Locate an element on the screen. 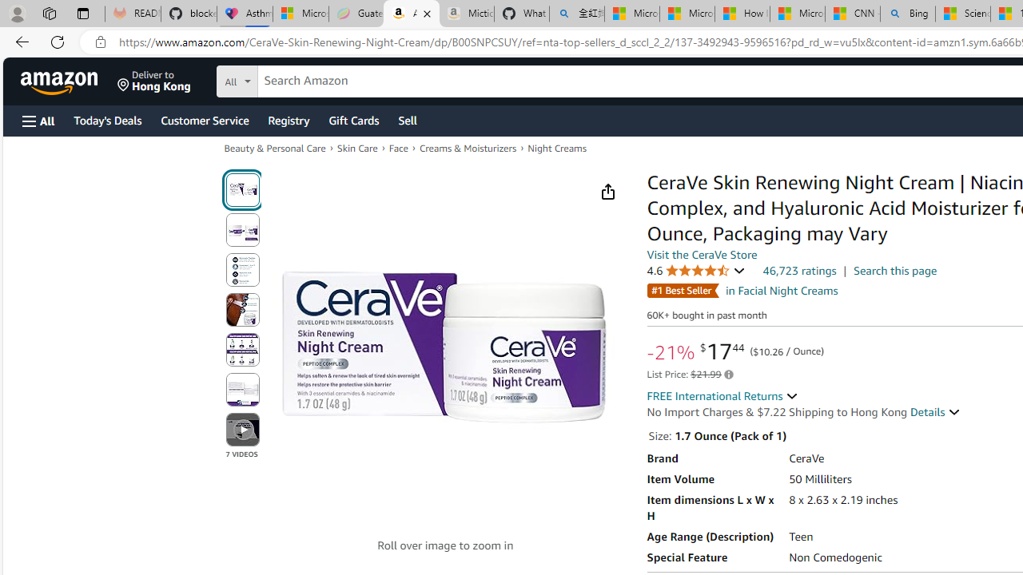 The width and height of the screenshot is (1023, 575). 'Customer Service' is located at coordinates (204, 119).